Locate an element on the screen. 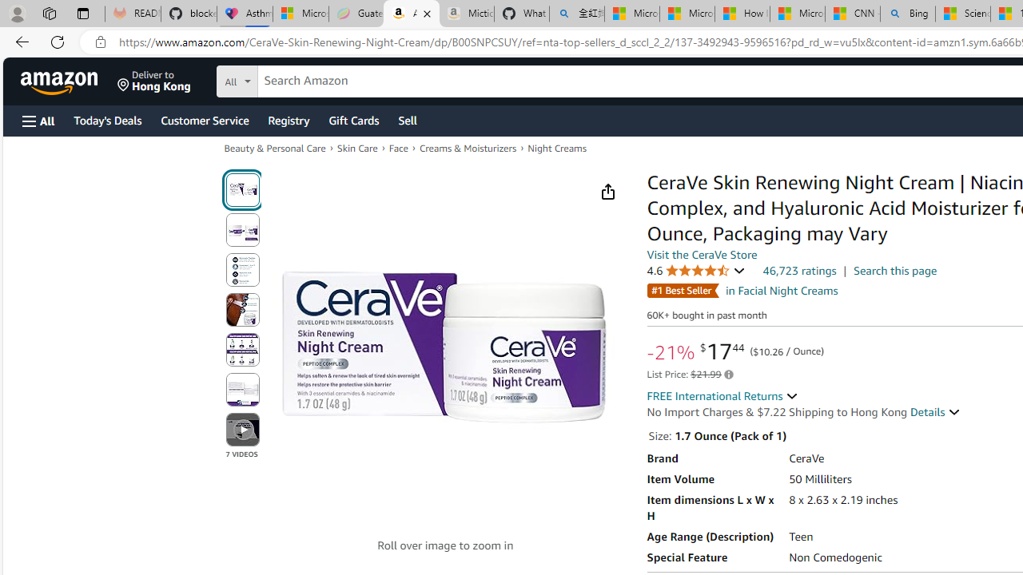 The width and height of the screenshot is (1023, 575). 'Customer Service' is located at coordinates (204, 119).